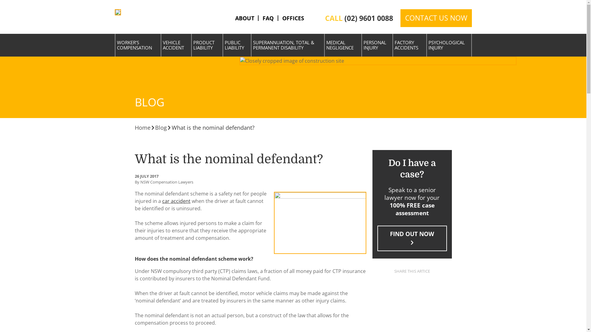  Describe the element at coordinates (176, 45) in the screenshot. I see `'VEHICLE ACCIDENT'` at that location.